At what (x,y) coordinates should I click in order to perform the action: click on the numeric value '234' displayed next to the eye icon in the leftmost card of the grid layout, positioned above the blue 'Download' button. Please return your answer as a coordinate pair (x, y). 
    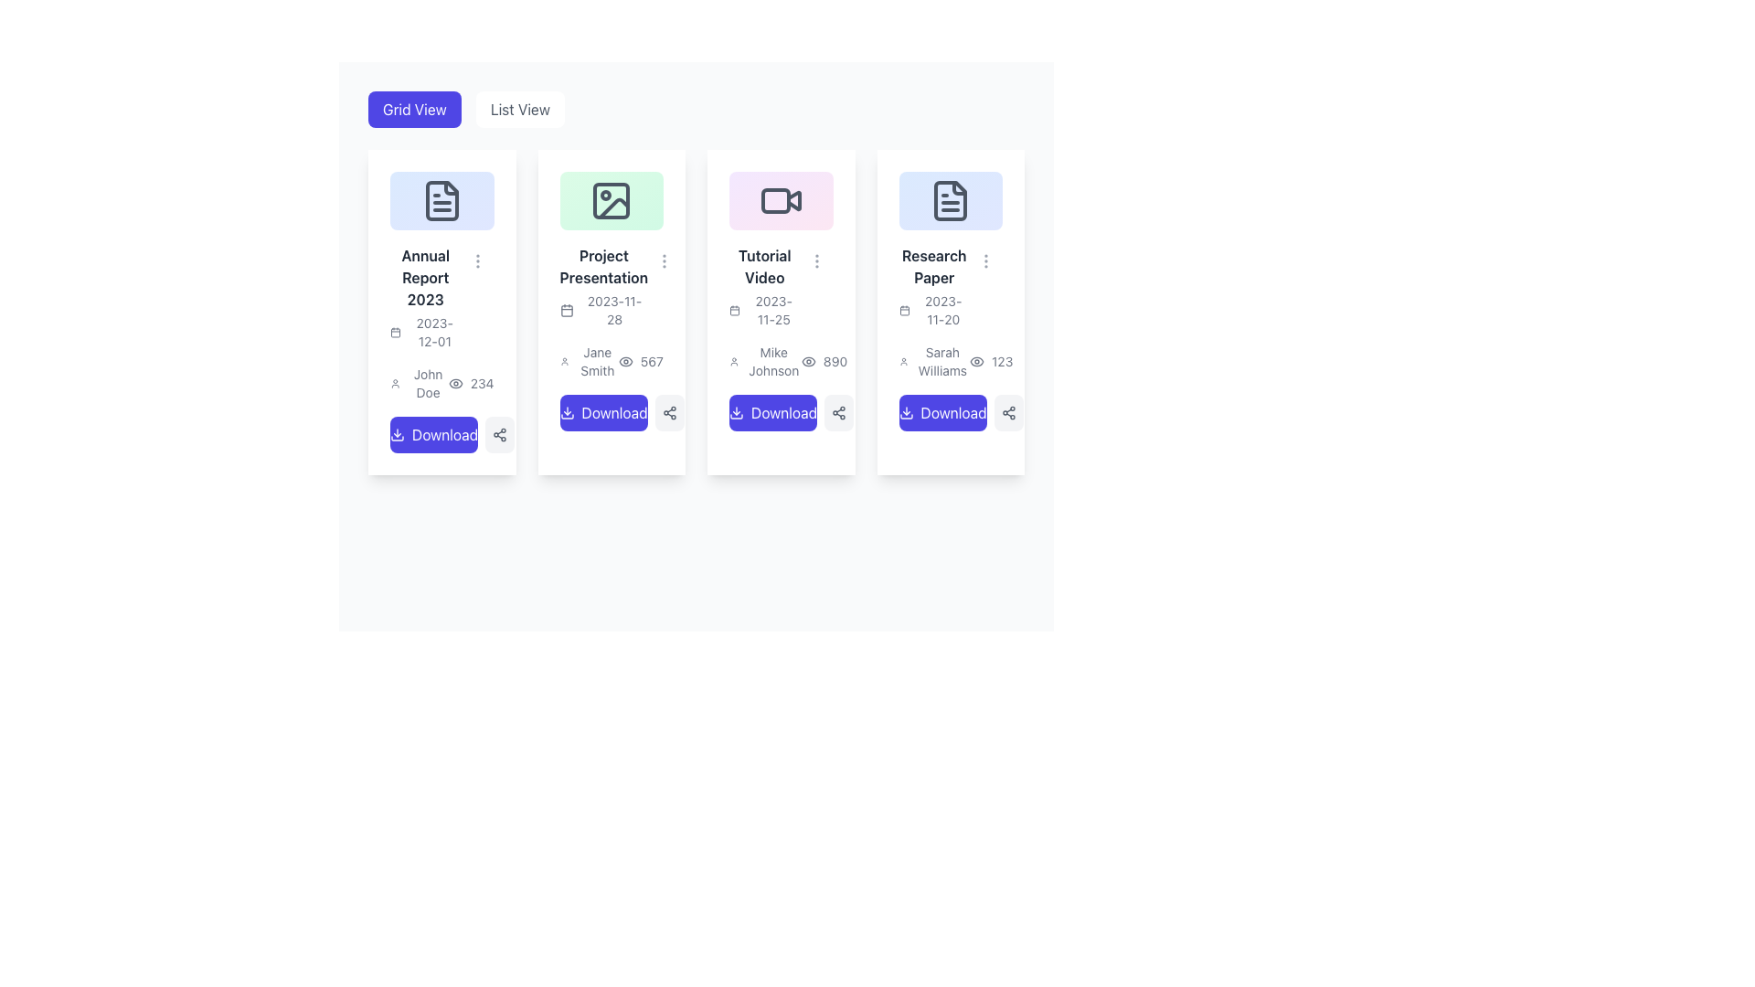
    Looking at the image, I should click on (471, 382).